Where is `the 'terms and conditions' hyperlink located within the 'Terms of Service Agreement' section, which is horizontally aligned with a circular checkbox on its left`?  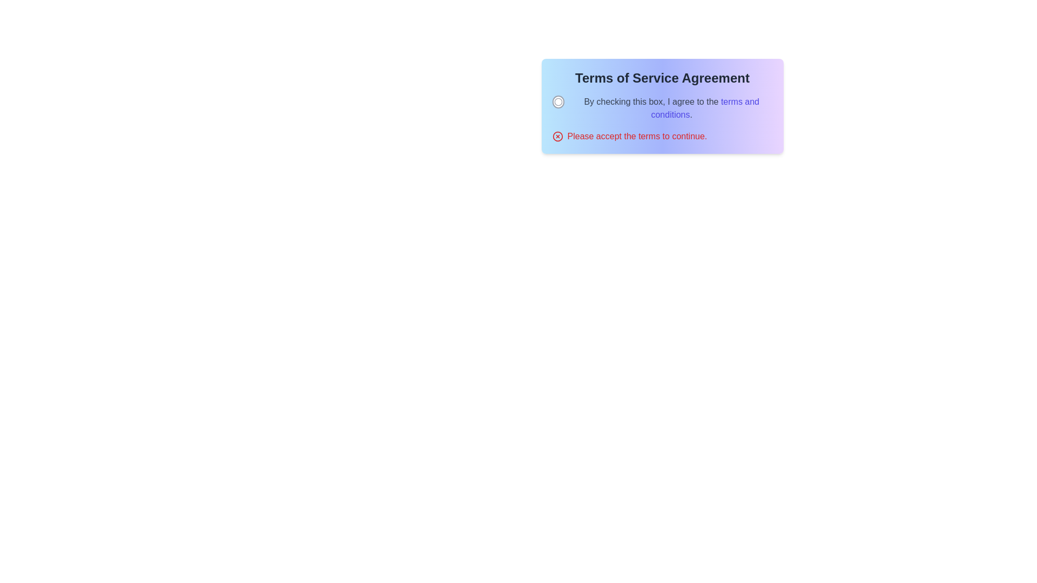 the 'terms and conditions' hyperlink located within the 'Terms of Service Agreement' section, which is horizontally aligned with a circular checkbox on its left is located at coordinates (671, 108).